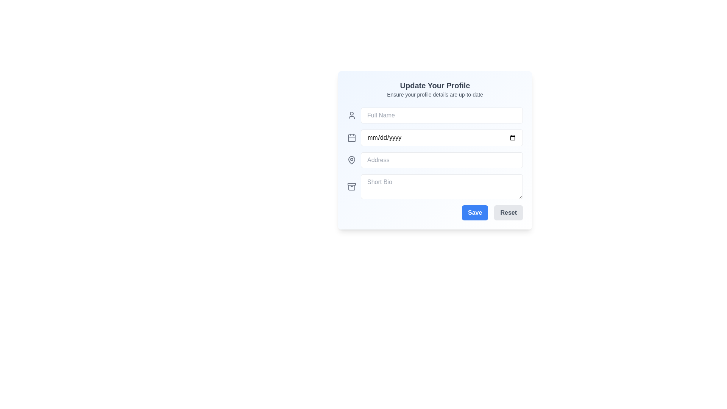 The width and height of the screenshot is (727, 409). What do you see at coordinates (351, 138) in the screenshot?
I see `the calendar icon element, which is a rectangular shape with rounded corners located to the left of the date input field containing the placeholder text 'mm/dd/yyyy'` at bounding box center [351, 138].